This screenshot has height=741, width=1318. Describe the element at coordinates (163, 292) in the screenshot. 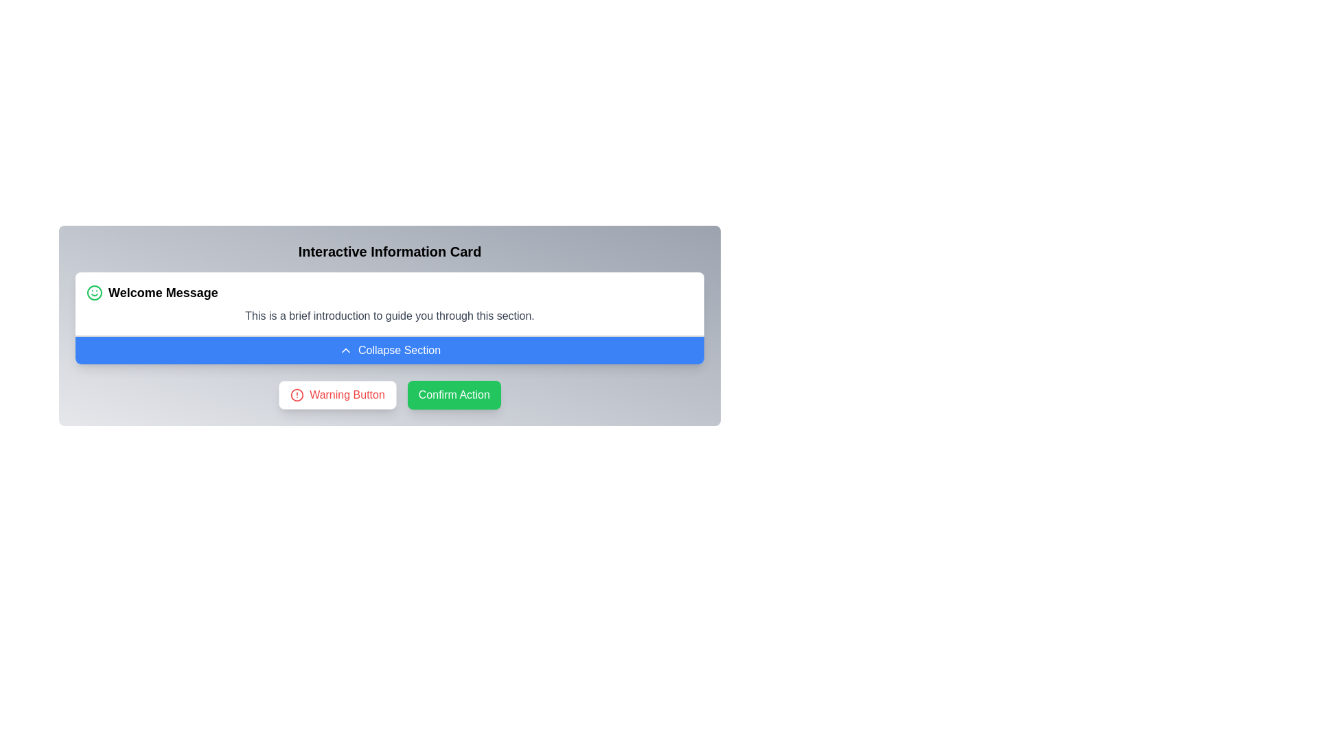

I see `the text label displaying 'Welcome Message' in bold font, which is the main header of its section and positioned in the top-left region of a content card` at that location.